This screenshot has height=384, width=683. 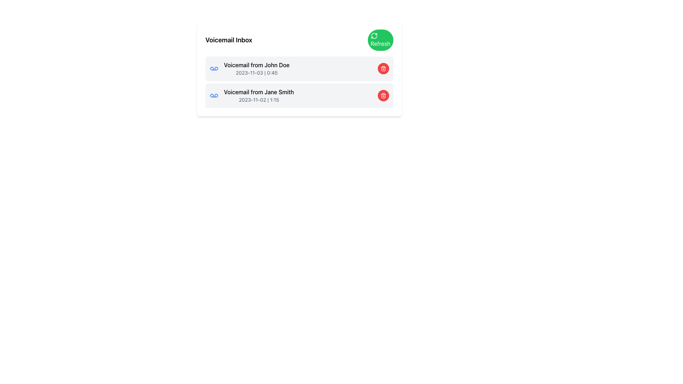 What do you see at coordinates (256, 73) in the screenshot?
I see `the timestamp text label that displays when the voicemail was received, located below the sender's name 'Voicemail from John Doe' in the 'Voicemail Inbox'` at bounding box center [256, 73].